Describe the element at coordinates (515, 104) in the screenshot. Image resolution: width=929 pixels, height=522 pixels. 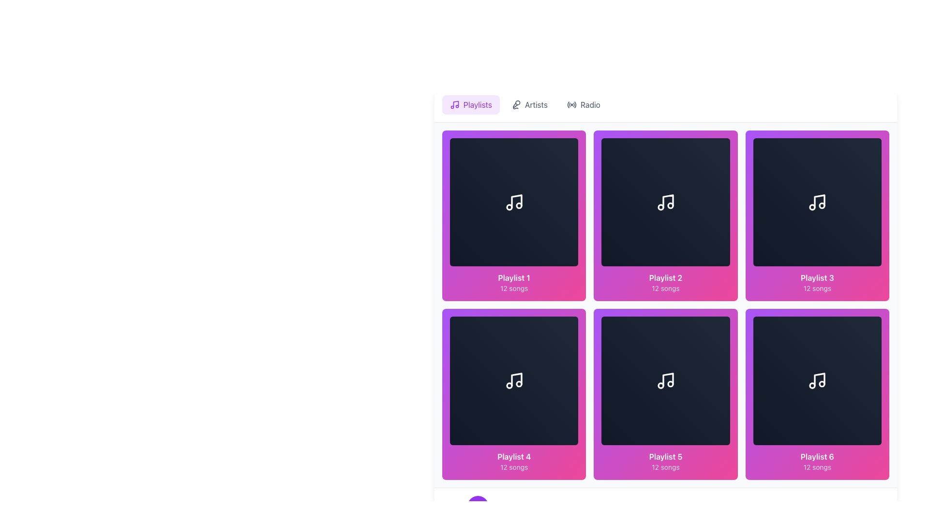
I see `the microphone icon located within the 'Artists' button in the top center navigation bar` at that location.